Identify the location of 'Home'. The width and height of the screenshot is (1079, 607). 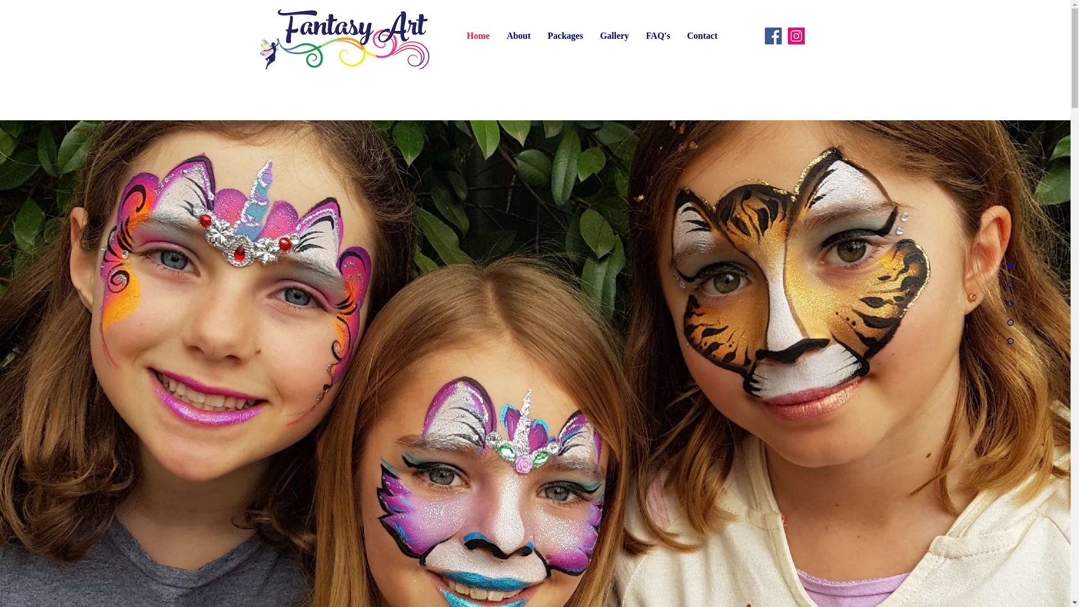
(459, 35).